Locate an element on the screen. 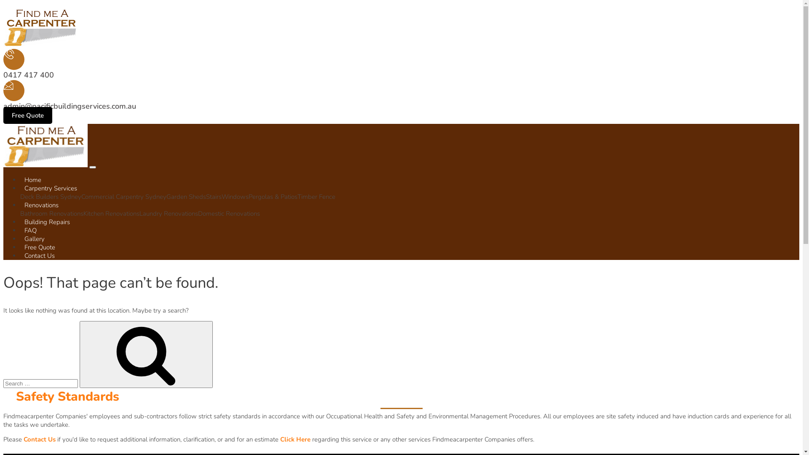 Image resolution: width=809 pixels, height=455 pixels. 'admin@pacificbuildingservices.com.au' is located at coordinates (70, 105).